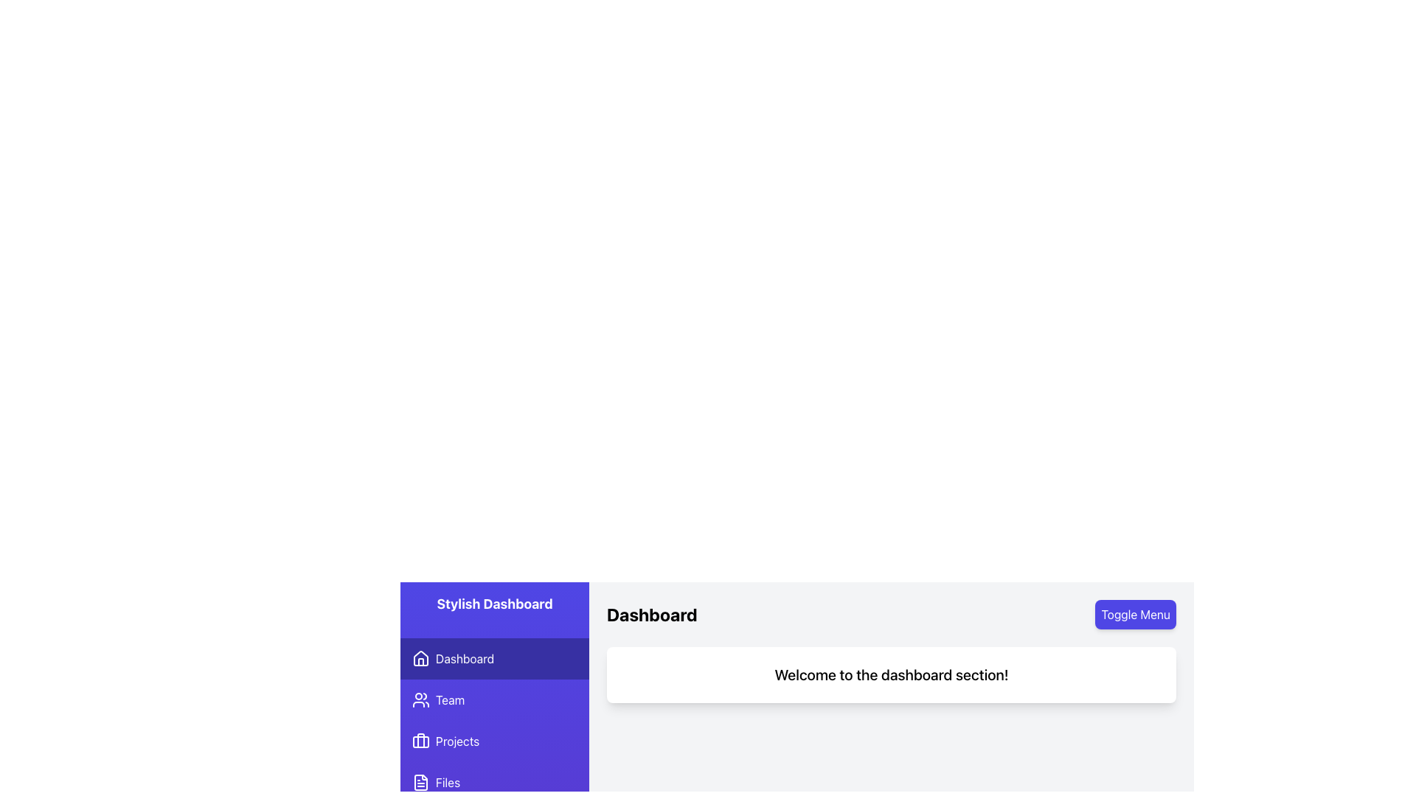  I want to click on the Text label that serves as a title or heading for the dashboard, located at the top-left area of the main content section, so click(651, 614).